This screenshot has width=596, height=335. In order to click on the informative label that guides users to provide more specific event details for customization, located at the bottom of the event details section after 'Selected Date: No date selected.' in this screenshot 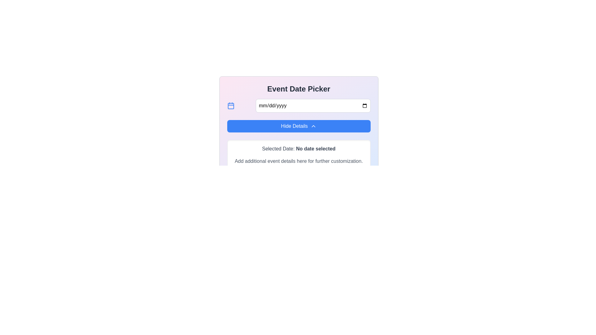, I will do `click(299, 161)`.